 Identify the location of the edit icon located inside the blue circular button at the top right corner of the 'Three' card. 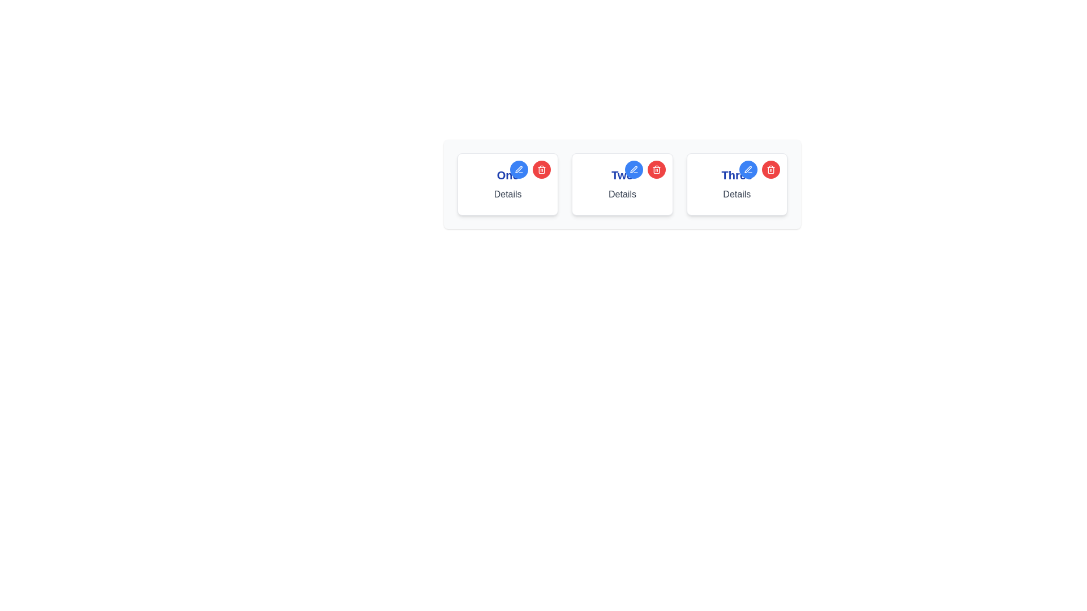
(748, 170).